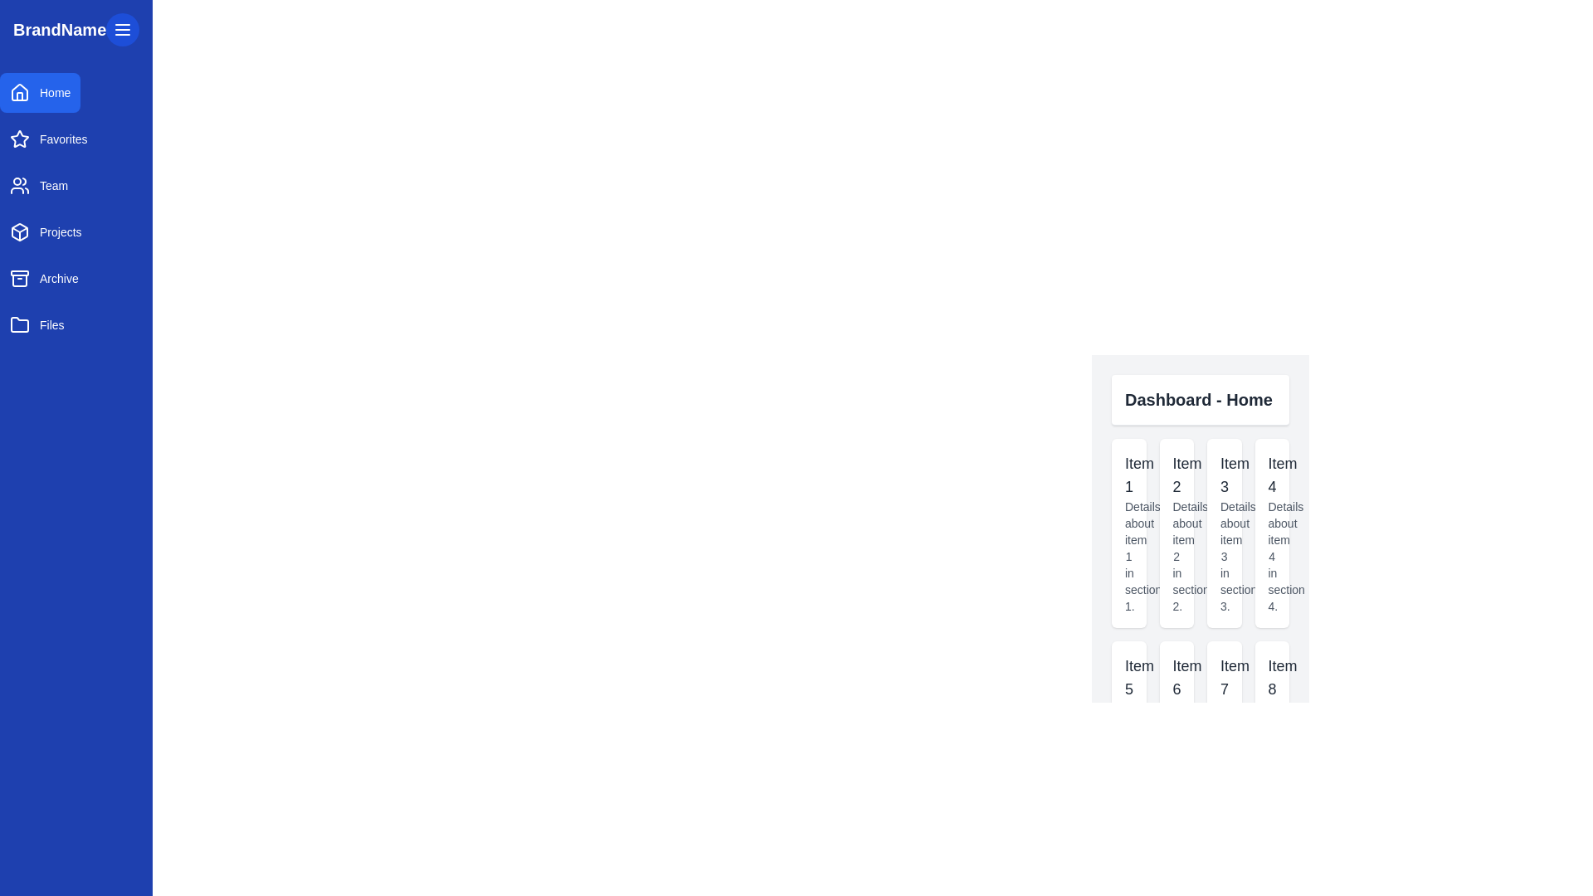  What do you see at coordinates (1176, 475) in the screenshot?
I see `the text label 'Item 2' located in the Dashboard - Home section, which is displayed in a medium-sized bold font` at bounding box center [1176, 475].